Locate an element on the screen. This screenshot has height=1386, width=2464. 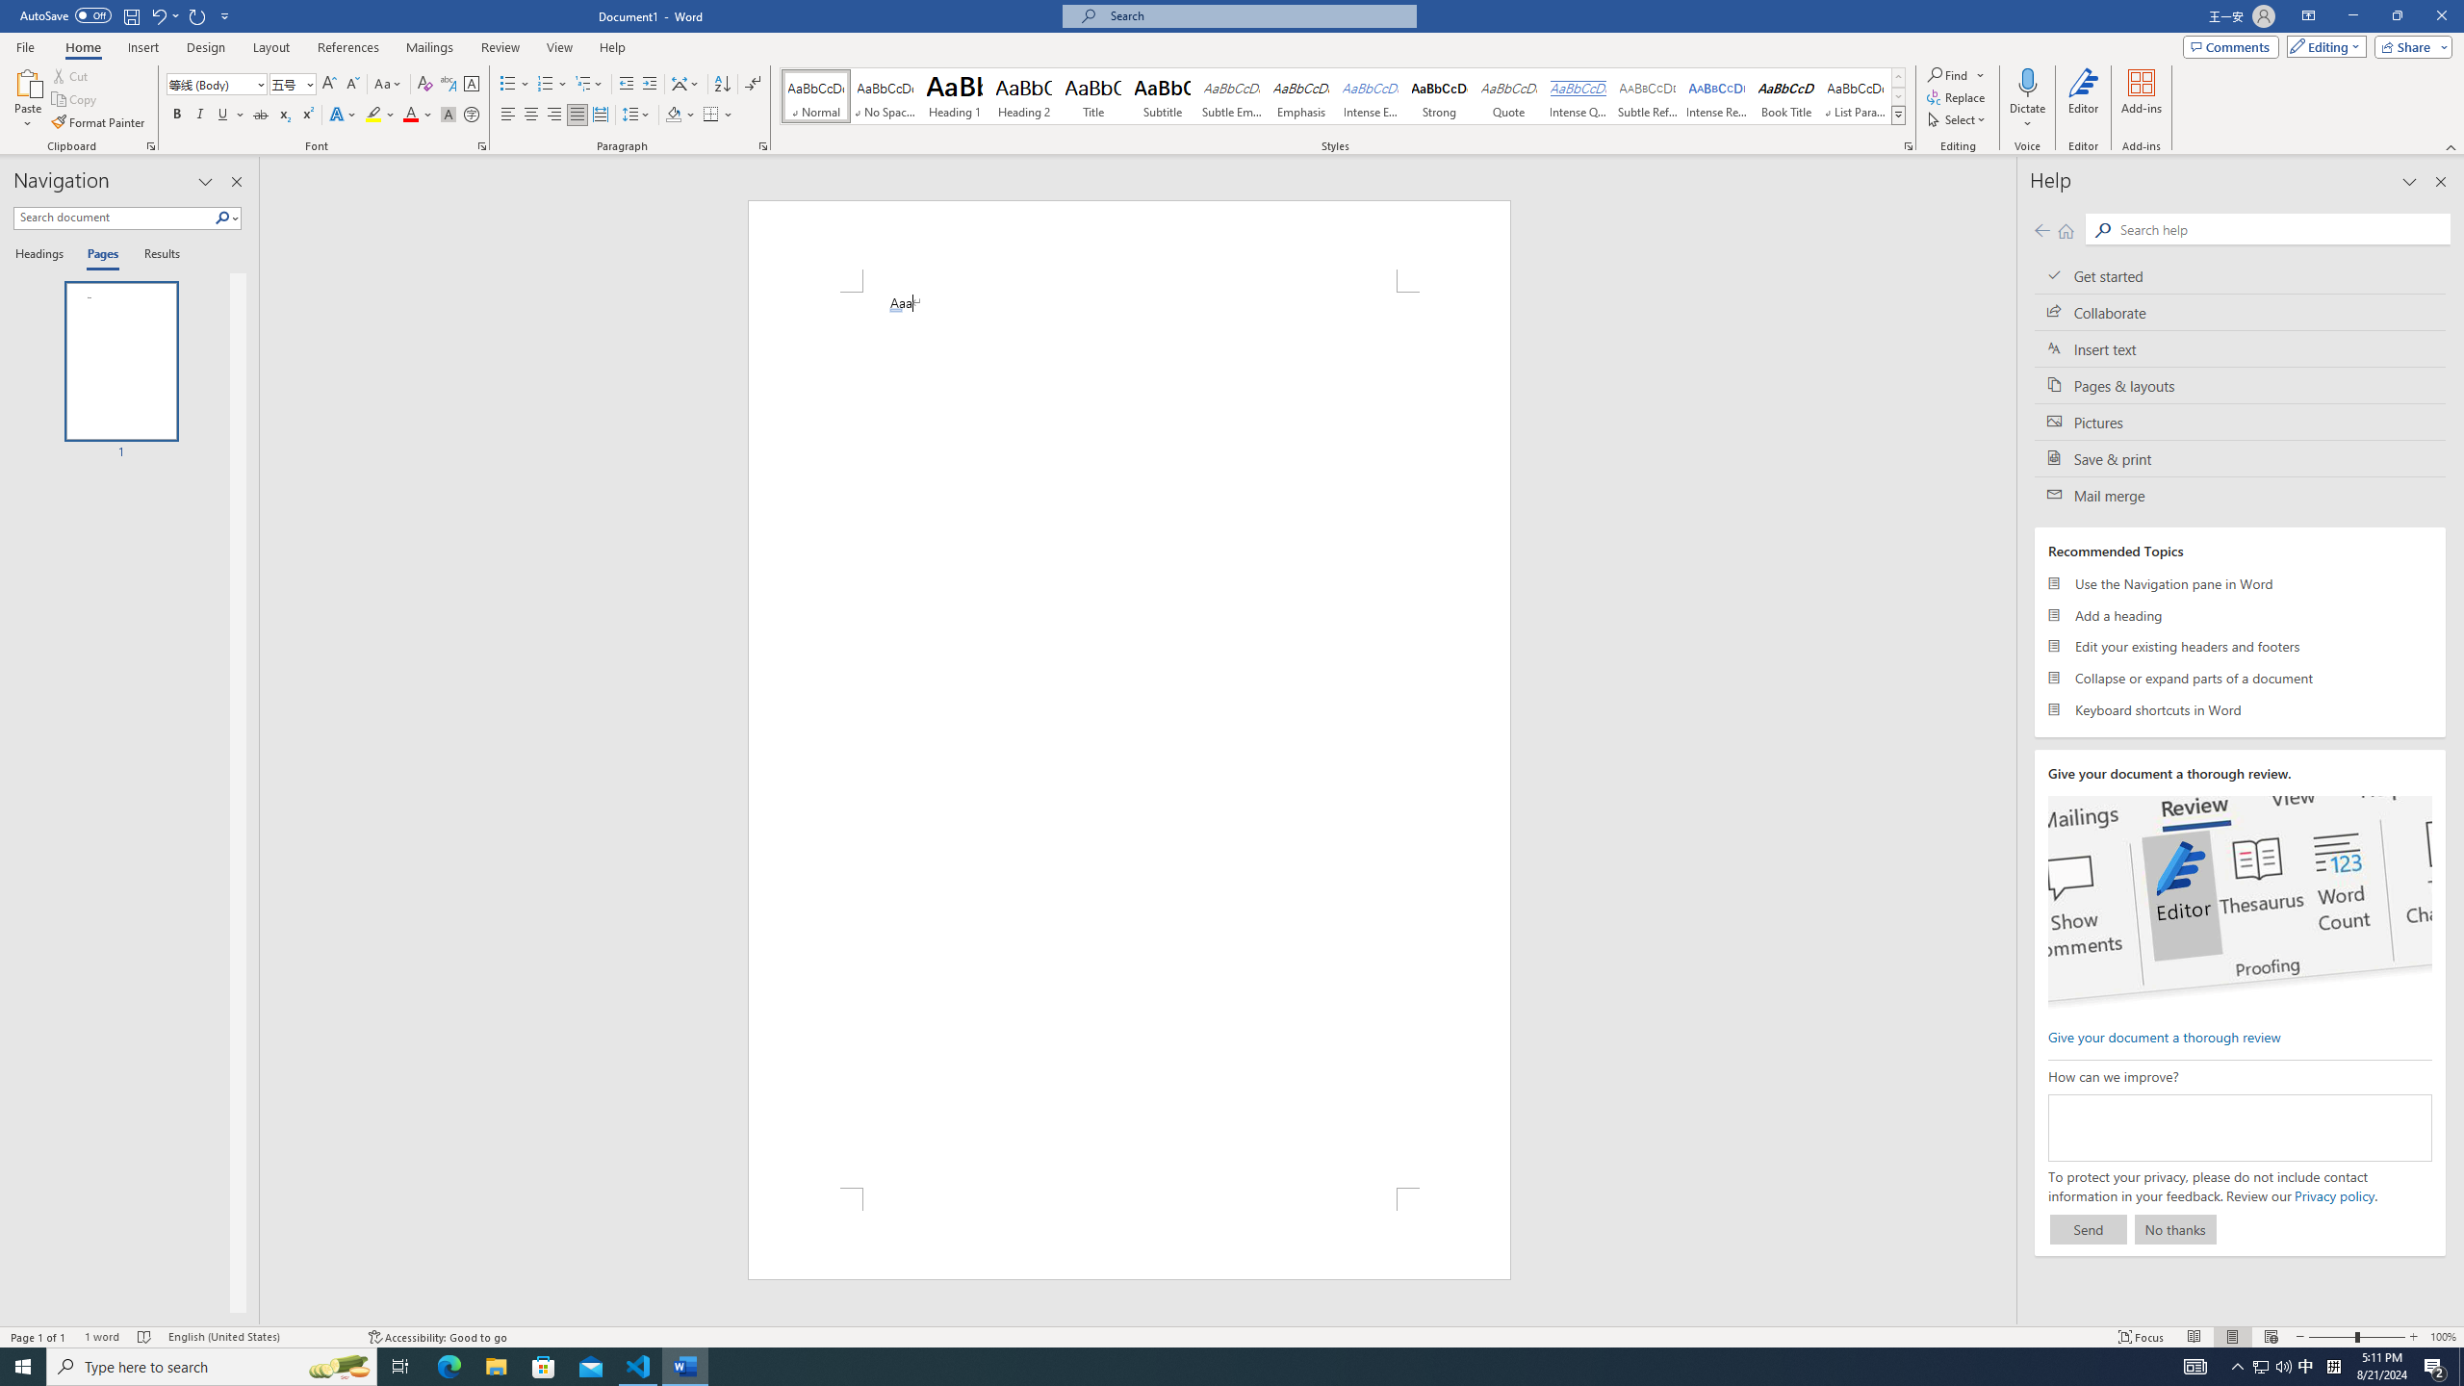
'Subtle Emphasis' is located at coordinates (1232, 95).